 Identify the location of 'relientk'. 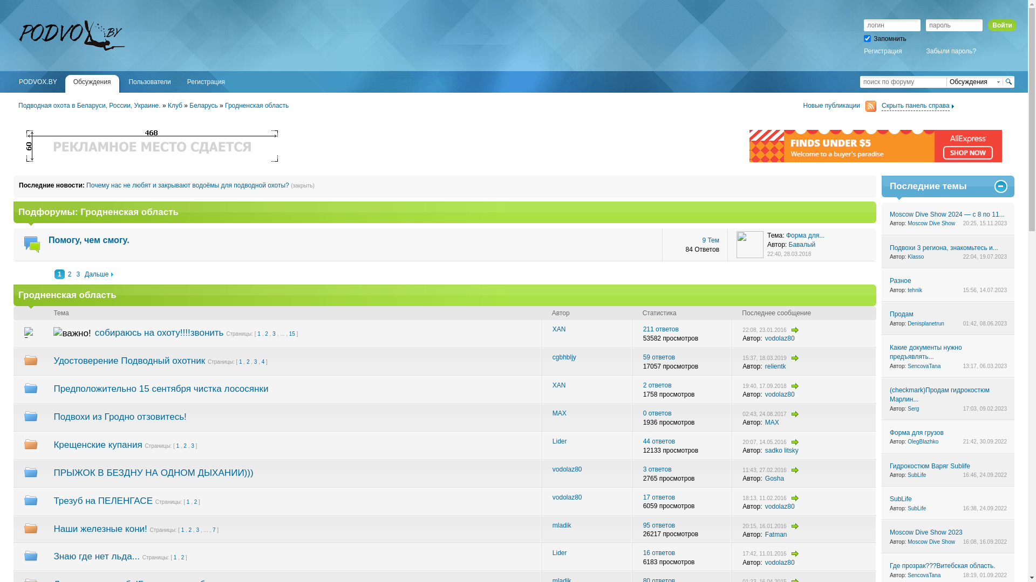
(775, 365).